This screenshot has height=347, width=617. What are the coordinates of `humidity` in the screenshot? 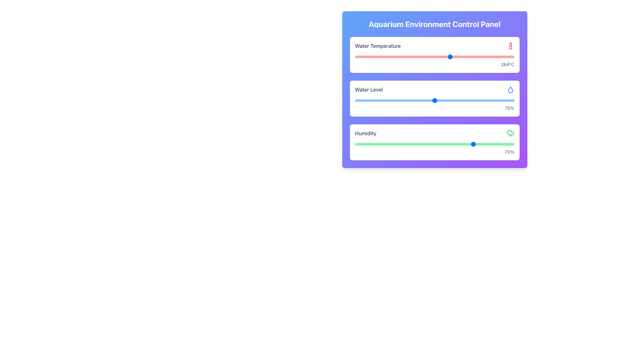 It's located at (506, 144).